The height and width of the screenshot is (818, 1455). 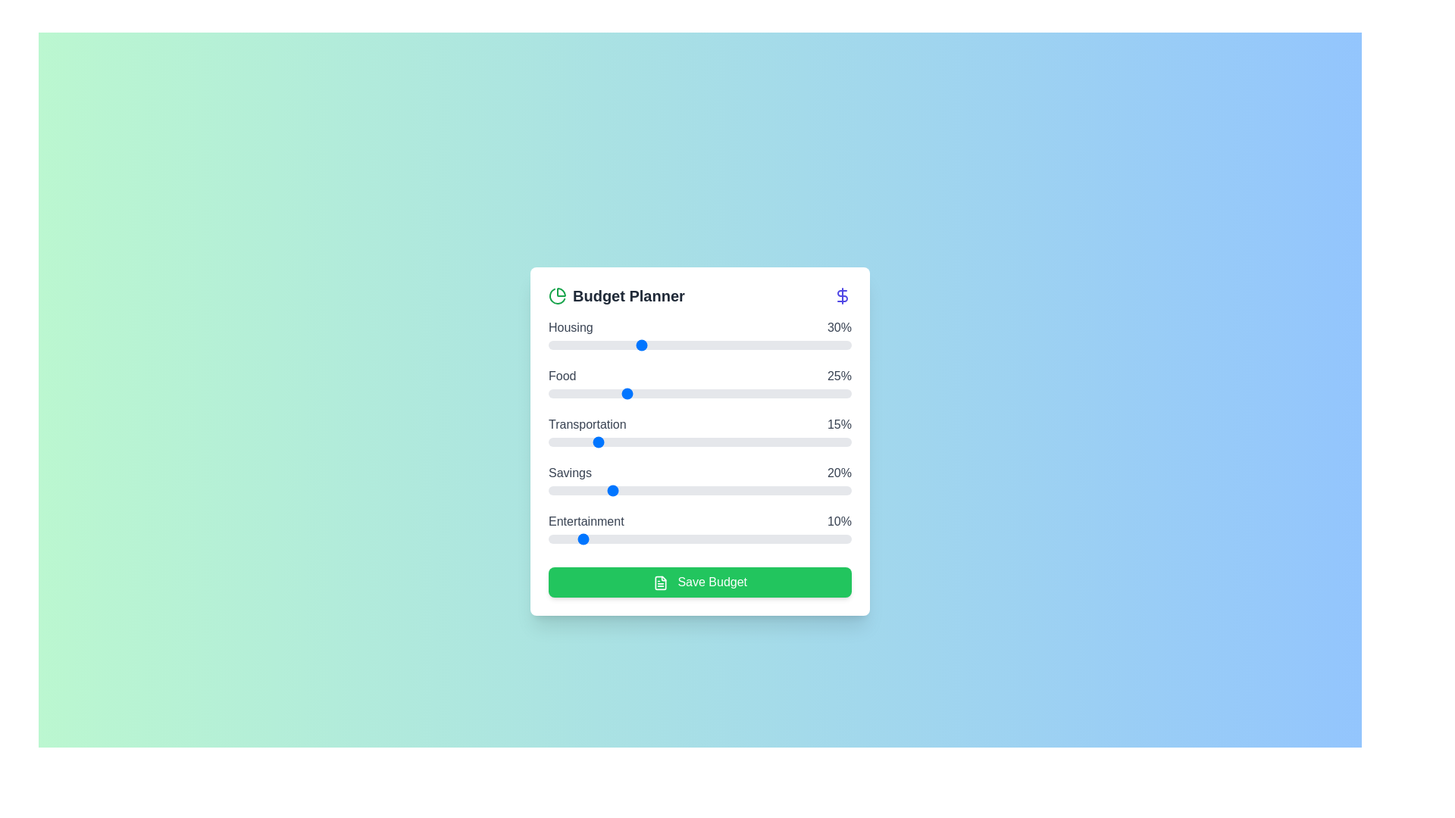 What do you see at coordinates (690, 345) in the screenshot?
I see `the 'Housing' slider to 47% allocation` at bounding box center [690, 345].